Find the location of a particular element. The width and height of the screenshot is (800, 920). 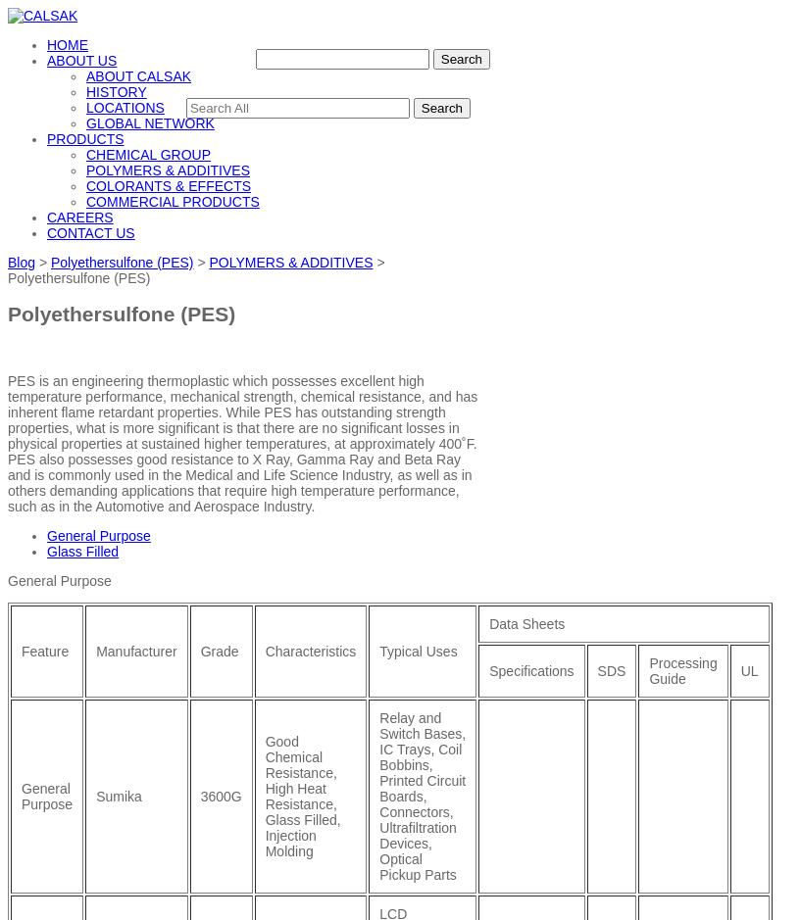

'Sumika' is located at coordinates (119, 795).